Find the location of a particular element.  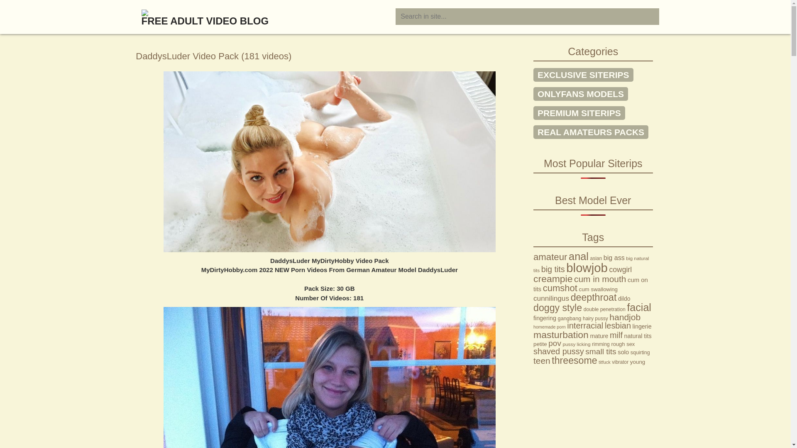

'natural tits' is located at coordinates (637, 336).